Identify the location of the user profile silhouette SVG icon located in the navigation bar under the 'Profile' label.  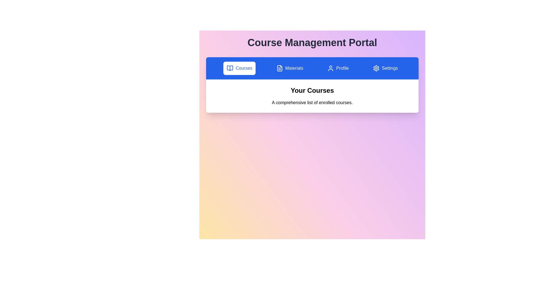
(330, 68).